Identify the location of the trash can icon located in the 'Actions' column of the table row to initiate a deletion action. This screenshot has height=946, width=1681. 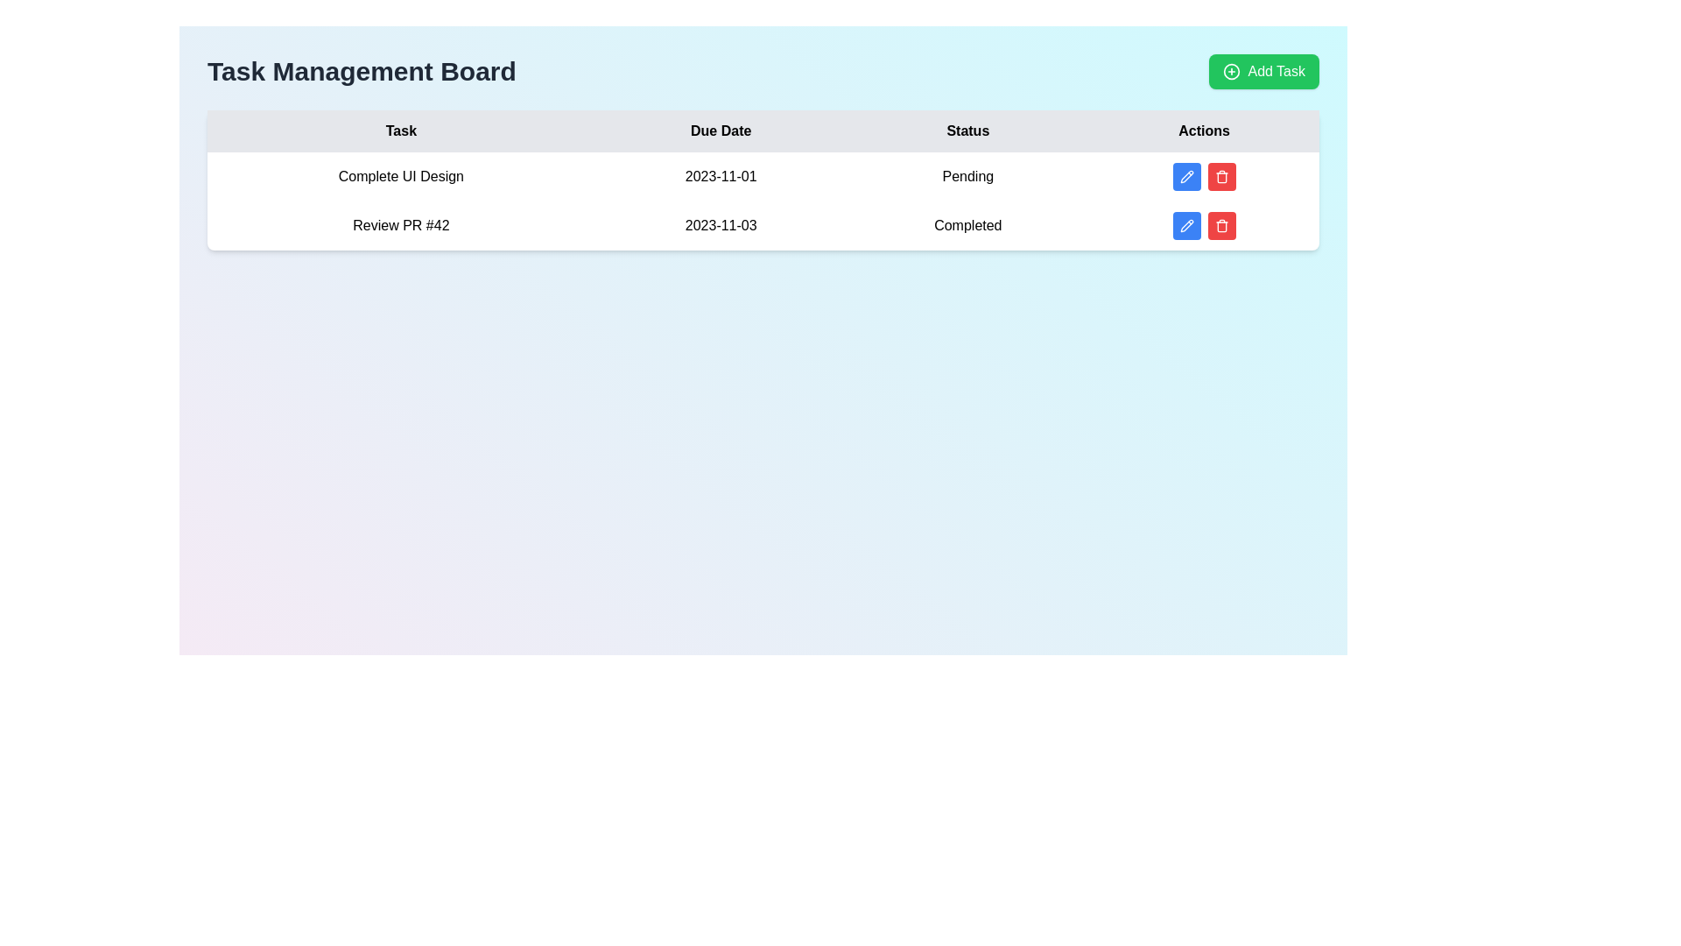
(1220, 225).